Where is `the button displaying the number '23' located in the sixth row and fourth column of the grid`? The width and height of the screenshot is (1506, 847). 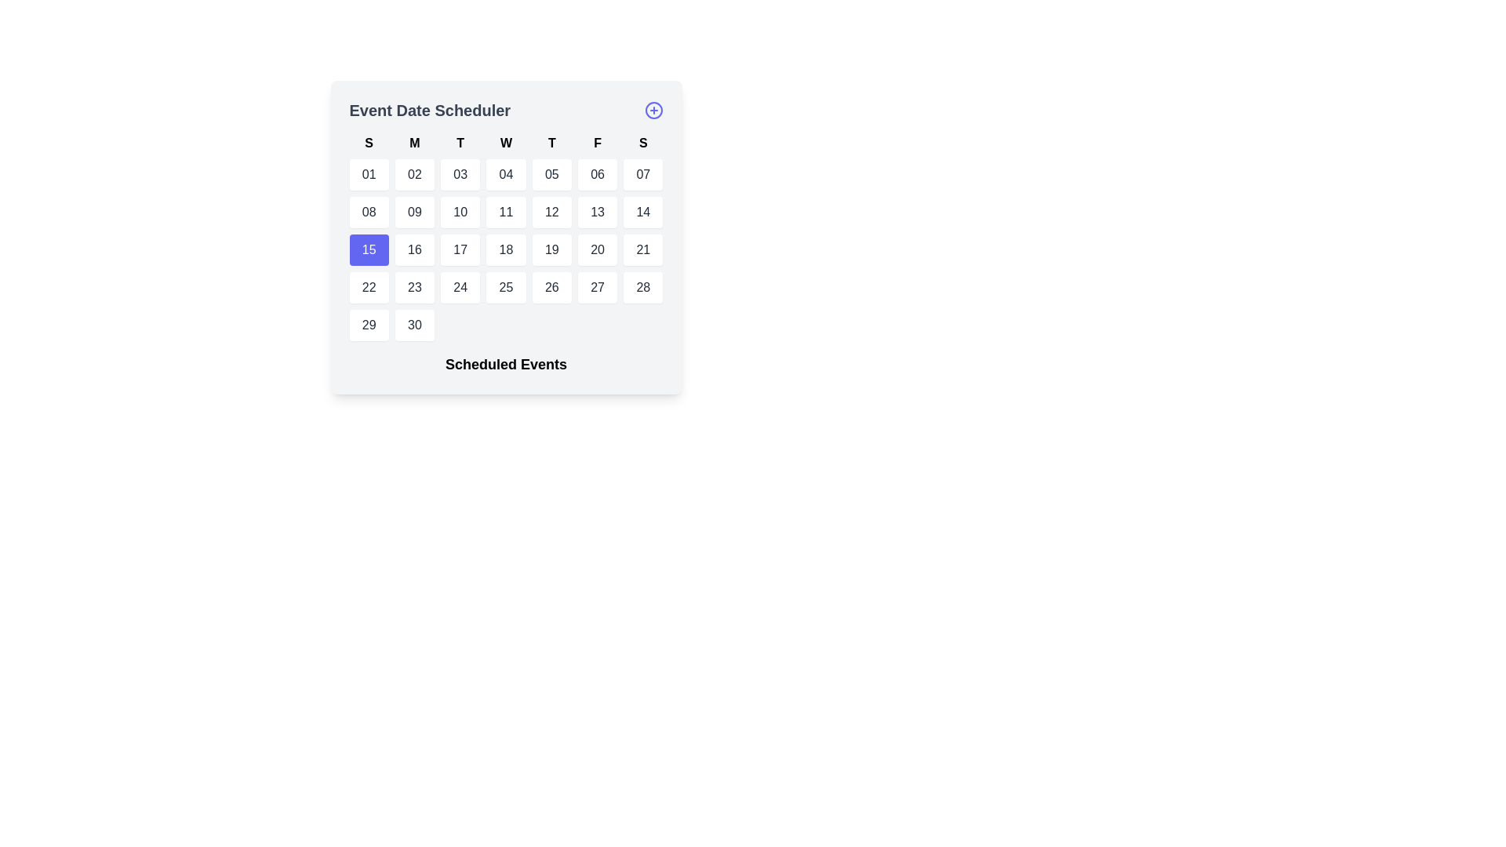
the button displaying the number '23' located in the sixth row and fourth column of the grid is located at coordinates (414, 287).